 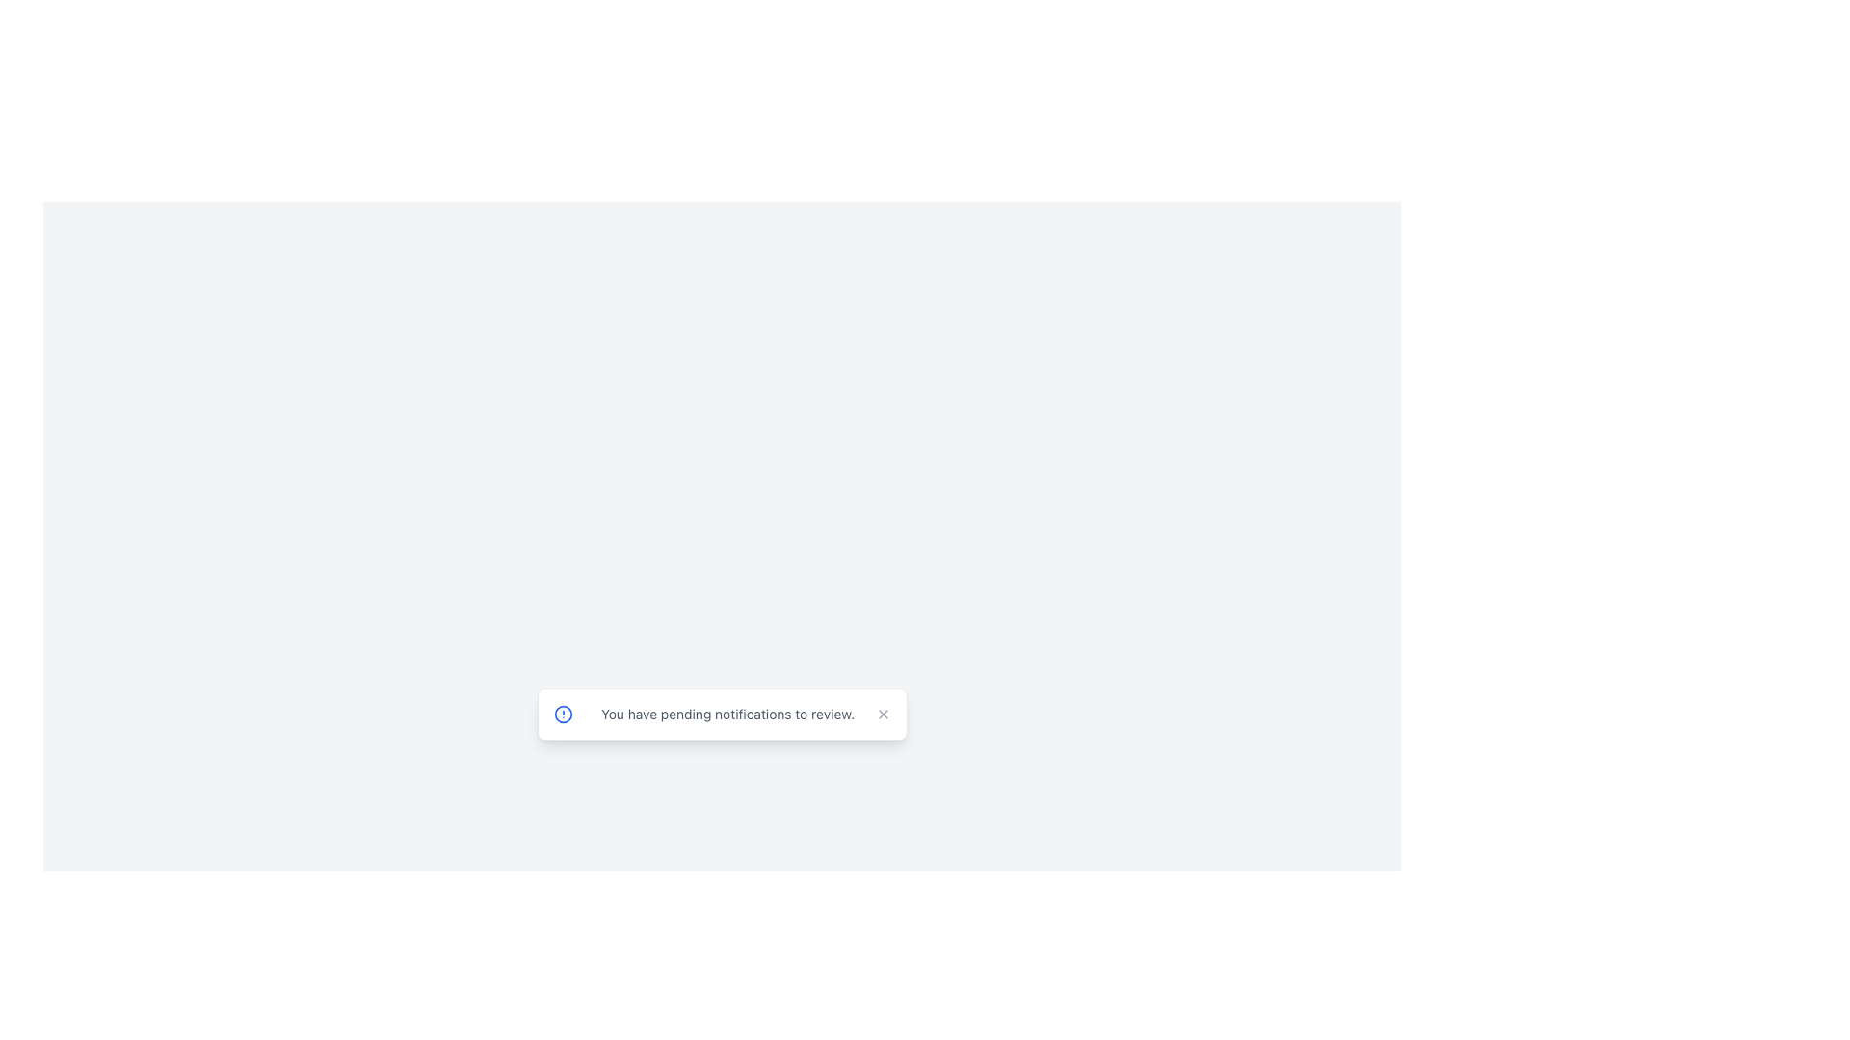 What do you see at coordinates (562, 714) in the screenshot?
I see `the blue stroked circular SVG icon located at the beginning of the notification popup, positioned to the left of the text 'You have pending notifications to review.'` at bounding box center [562, 714].